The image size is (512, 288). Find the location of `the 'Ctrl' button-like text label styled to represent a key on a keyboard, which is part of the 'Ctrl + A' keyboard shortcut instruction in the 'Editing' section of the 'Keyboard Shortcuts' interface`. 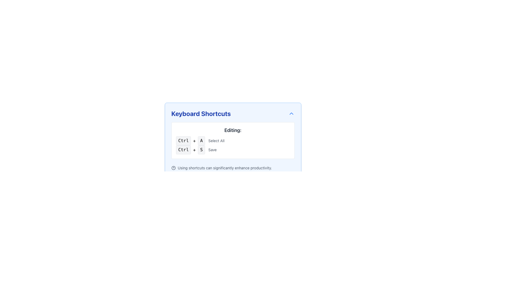

the 'Ctrl' button-like text label styled to represent a key on a keyboard, which is part of the 'Ctrl + A' keyboard shortcut instruction in the 'Editing' section of the 'Keyboard Shortcuts' interface is located at coordinates (183, 141).